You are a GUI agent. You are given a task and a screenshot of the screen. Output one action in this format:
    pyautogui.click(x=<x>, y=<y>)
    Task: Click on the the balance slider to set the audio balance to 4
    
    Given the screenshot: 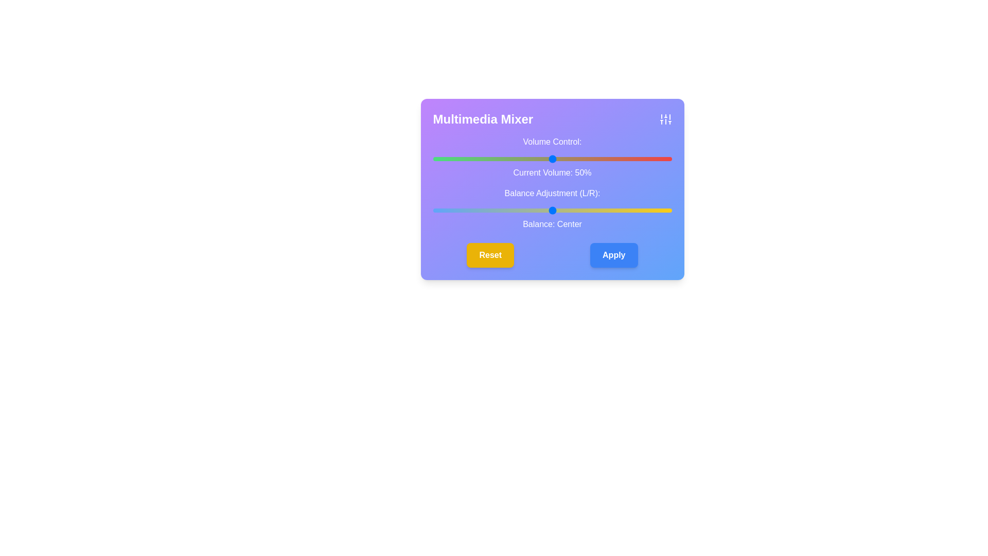 What is the action you would take?
    pyautogui.click(x=561, y=210)
    